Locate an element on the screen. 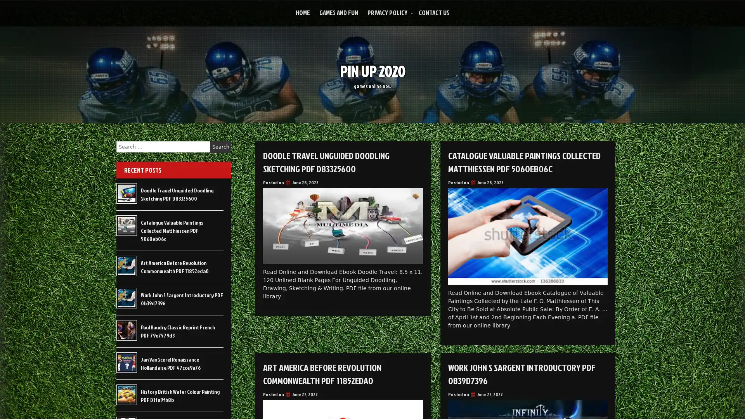 The width and height of the screenshot is (745, 419). Search is located at coordinates (220, 147).